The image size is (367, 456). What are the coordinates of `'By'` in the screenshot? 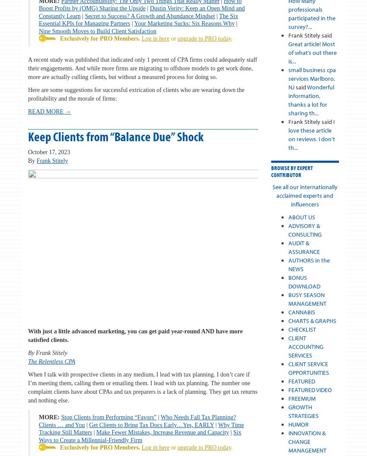 It's located at (28, 160).